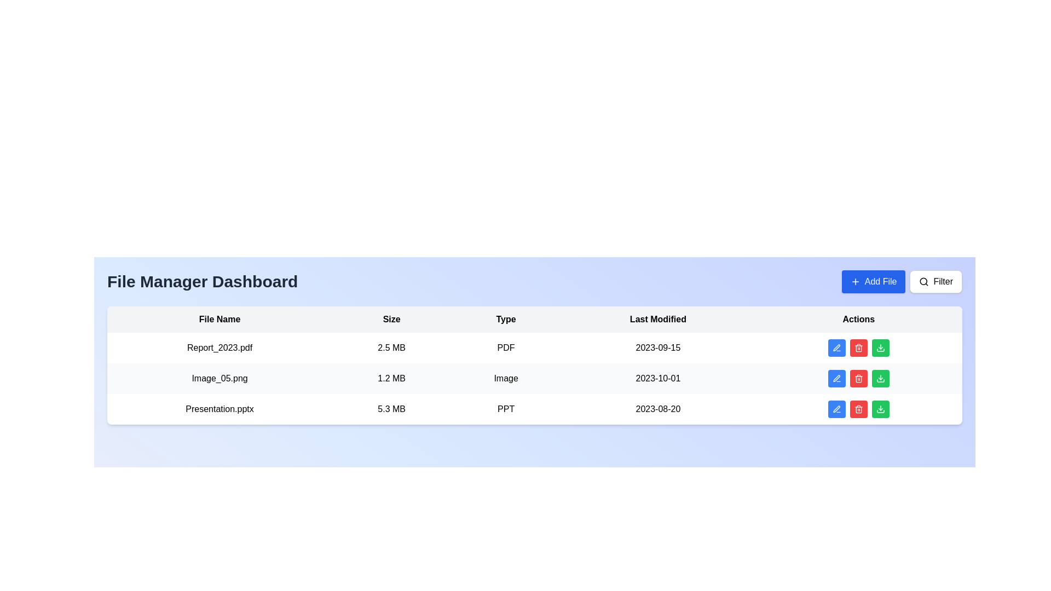  I want to click on the pen icon located inside the blue action button in the 'Actions' column of the 'Image_05.png' row, so click(836, 378).